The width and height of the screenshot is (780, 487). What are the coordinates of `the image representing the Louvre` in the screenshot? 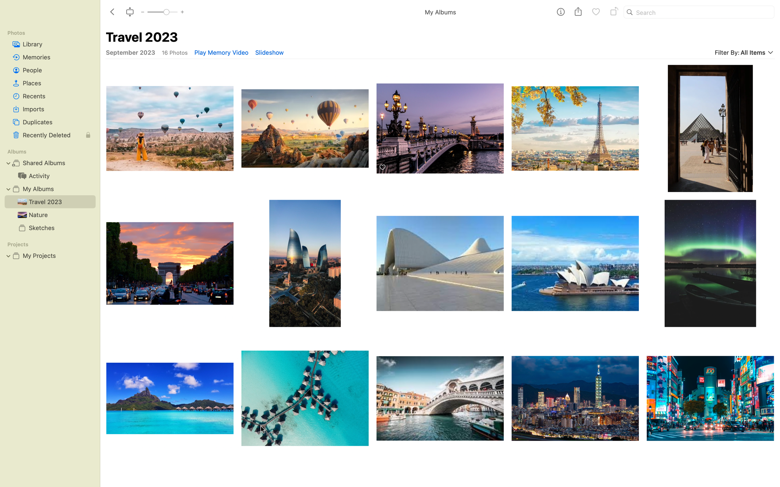 It's located at (710, 127).